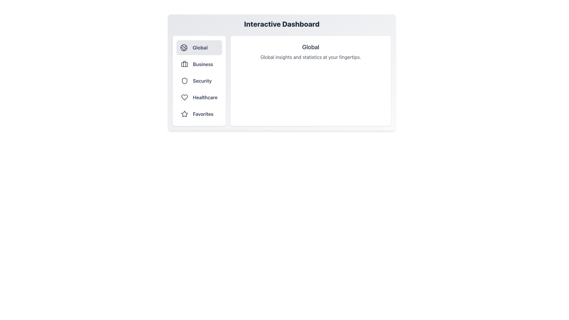 The width and height of the screenshot is (569, 320). What do you see at coordinates (184, 81) in the screenshot?
I see `the 'Security' icon in the sidebar menu, which is the third item in the navigation list, positioned between the 'Business' icon above and the 'Healthcare' icon below` at bounding box center [184, 81].